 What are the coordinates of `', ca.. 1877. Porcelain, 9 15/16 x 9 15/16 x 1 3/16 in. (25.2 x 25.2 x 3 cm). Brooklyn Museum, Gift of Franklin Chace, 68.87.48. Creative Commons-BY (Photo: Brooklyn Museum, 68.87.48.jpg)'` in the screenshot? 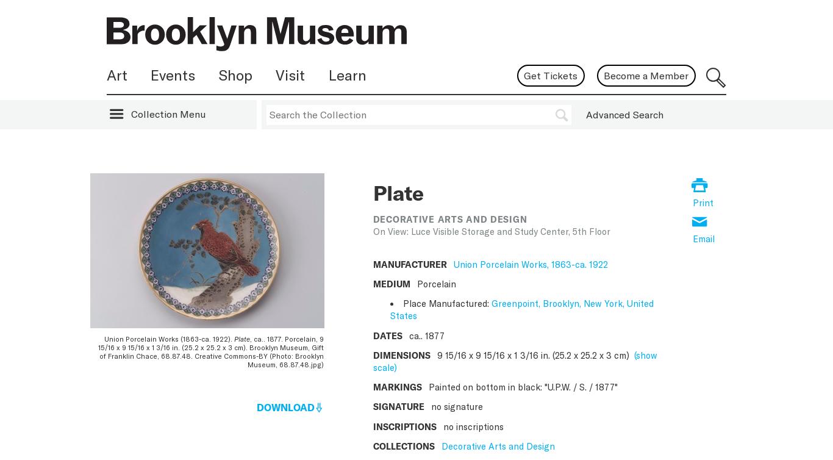 It's located at (210, 351).